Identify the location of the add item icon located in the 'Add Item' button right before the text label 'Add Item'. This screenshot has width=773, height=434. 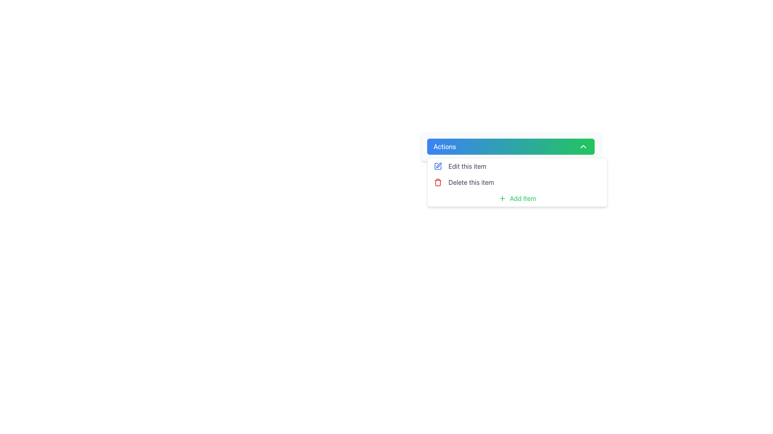
(502, 198).